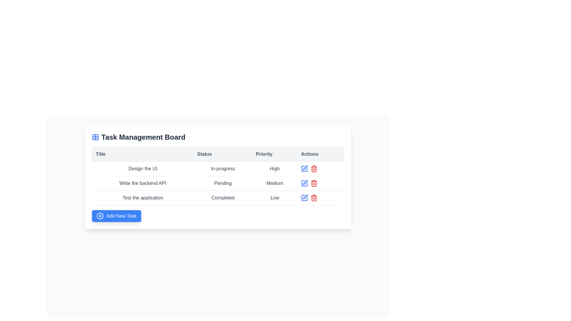 Image resolution: width=571 pixels, height=321 pixels. What do you see at coordinates (143, 198) in the screenshot?
I see `the Text Label displaying the task title in the third row of the task management interface under the 'Title' column` at bounding box center [143, 198].